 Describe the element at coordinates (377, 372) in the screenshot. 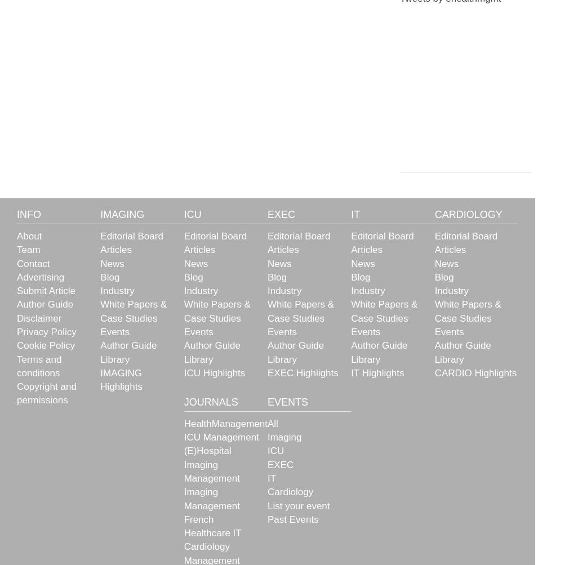

I see `'IT Highlights'` at that location.